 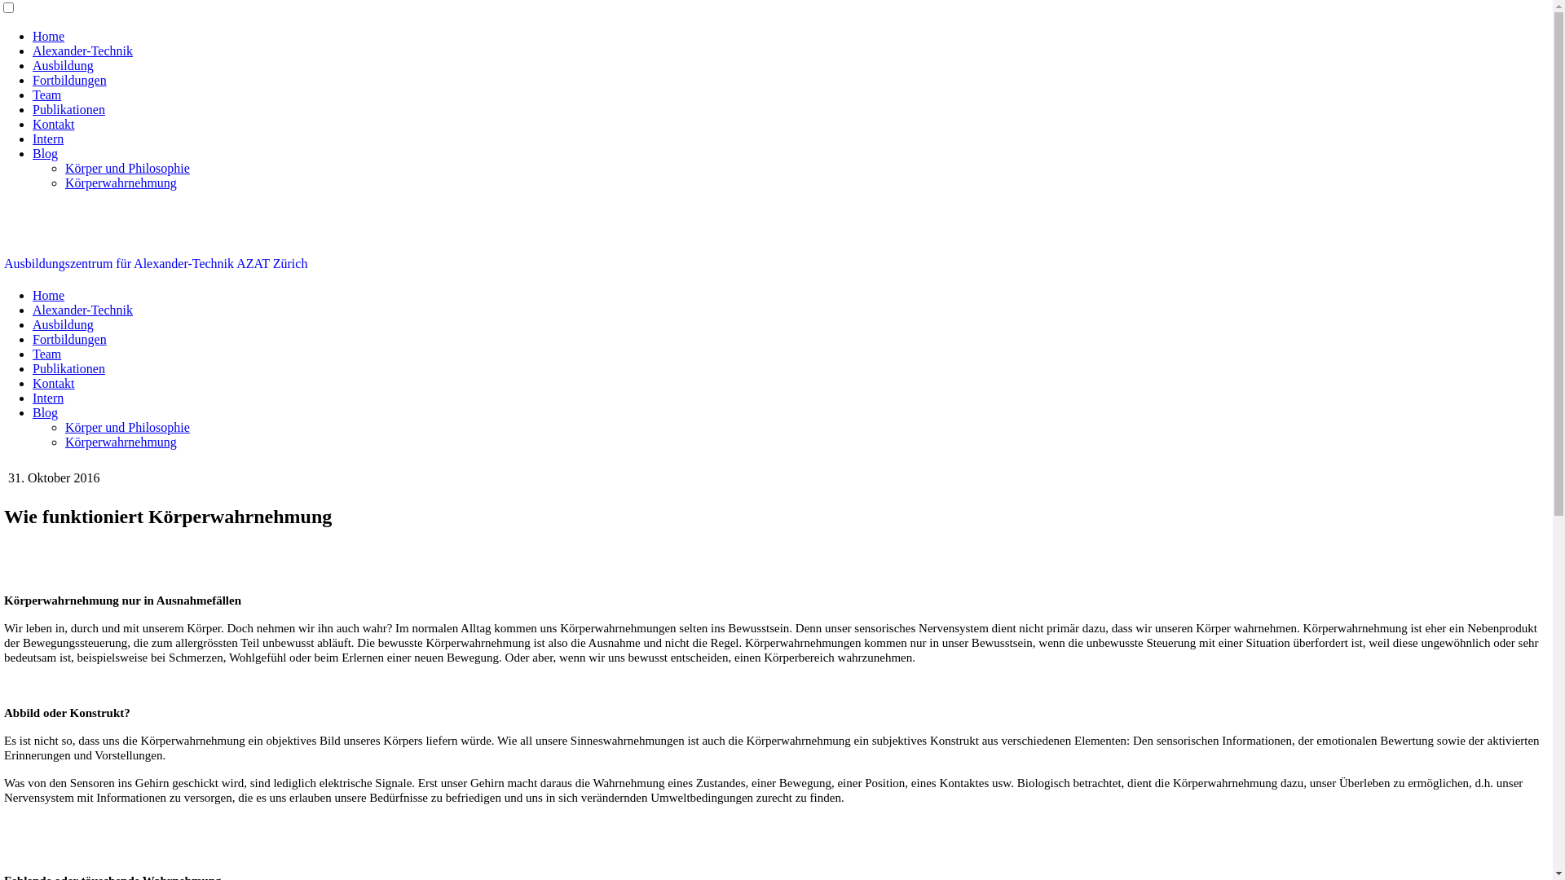 What do you see at coordinates (47, 138) in the screenshot?
I see `'Intern'` at bounding box center [47, 138].